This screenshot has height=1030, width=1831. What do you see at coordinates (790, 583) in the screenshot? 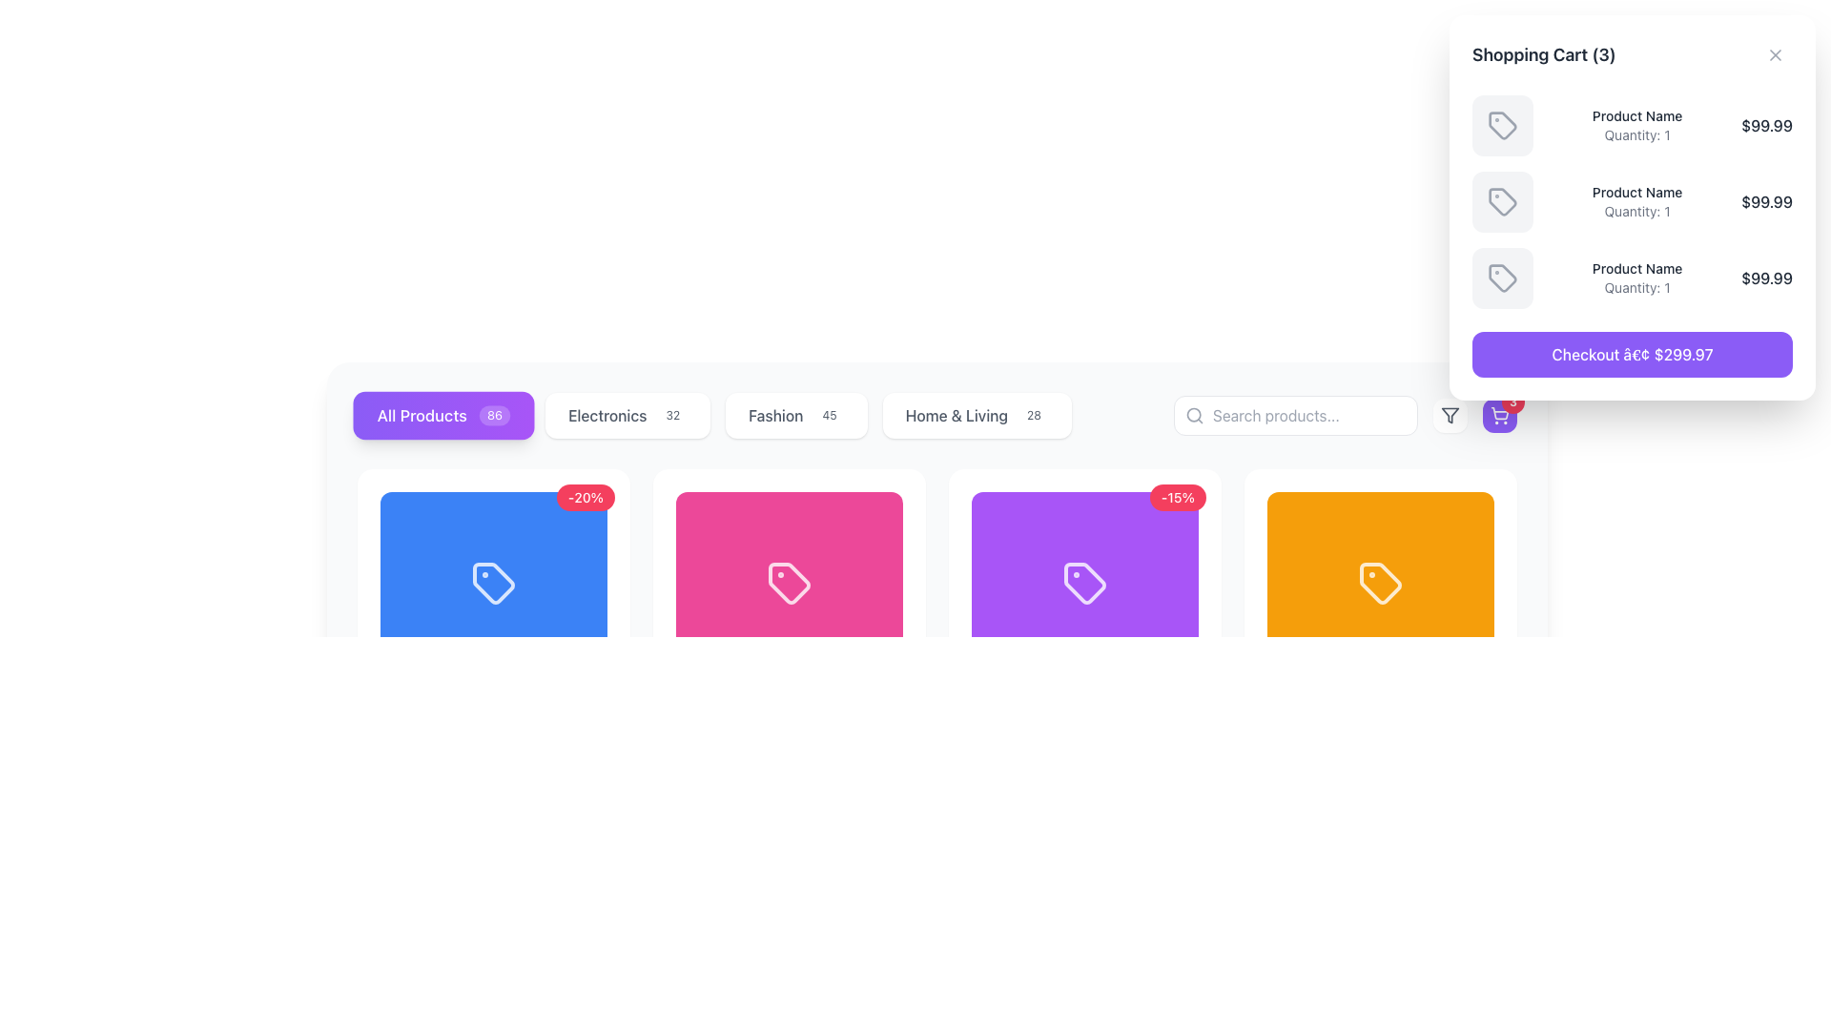
I see `the details of the tag icon located in the second pink card from the left under the 'All Products' tab` at bounding box center [790, 583].